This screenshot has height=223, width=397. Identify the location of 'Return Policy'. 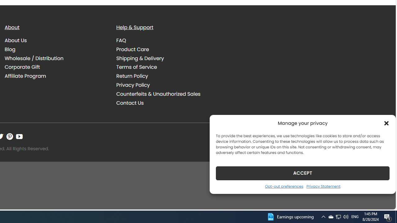
(167, 76).